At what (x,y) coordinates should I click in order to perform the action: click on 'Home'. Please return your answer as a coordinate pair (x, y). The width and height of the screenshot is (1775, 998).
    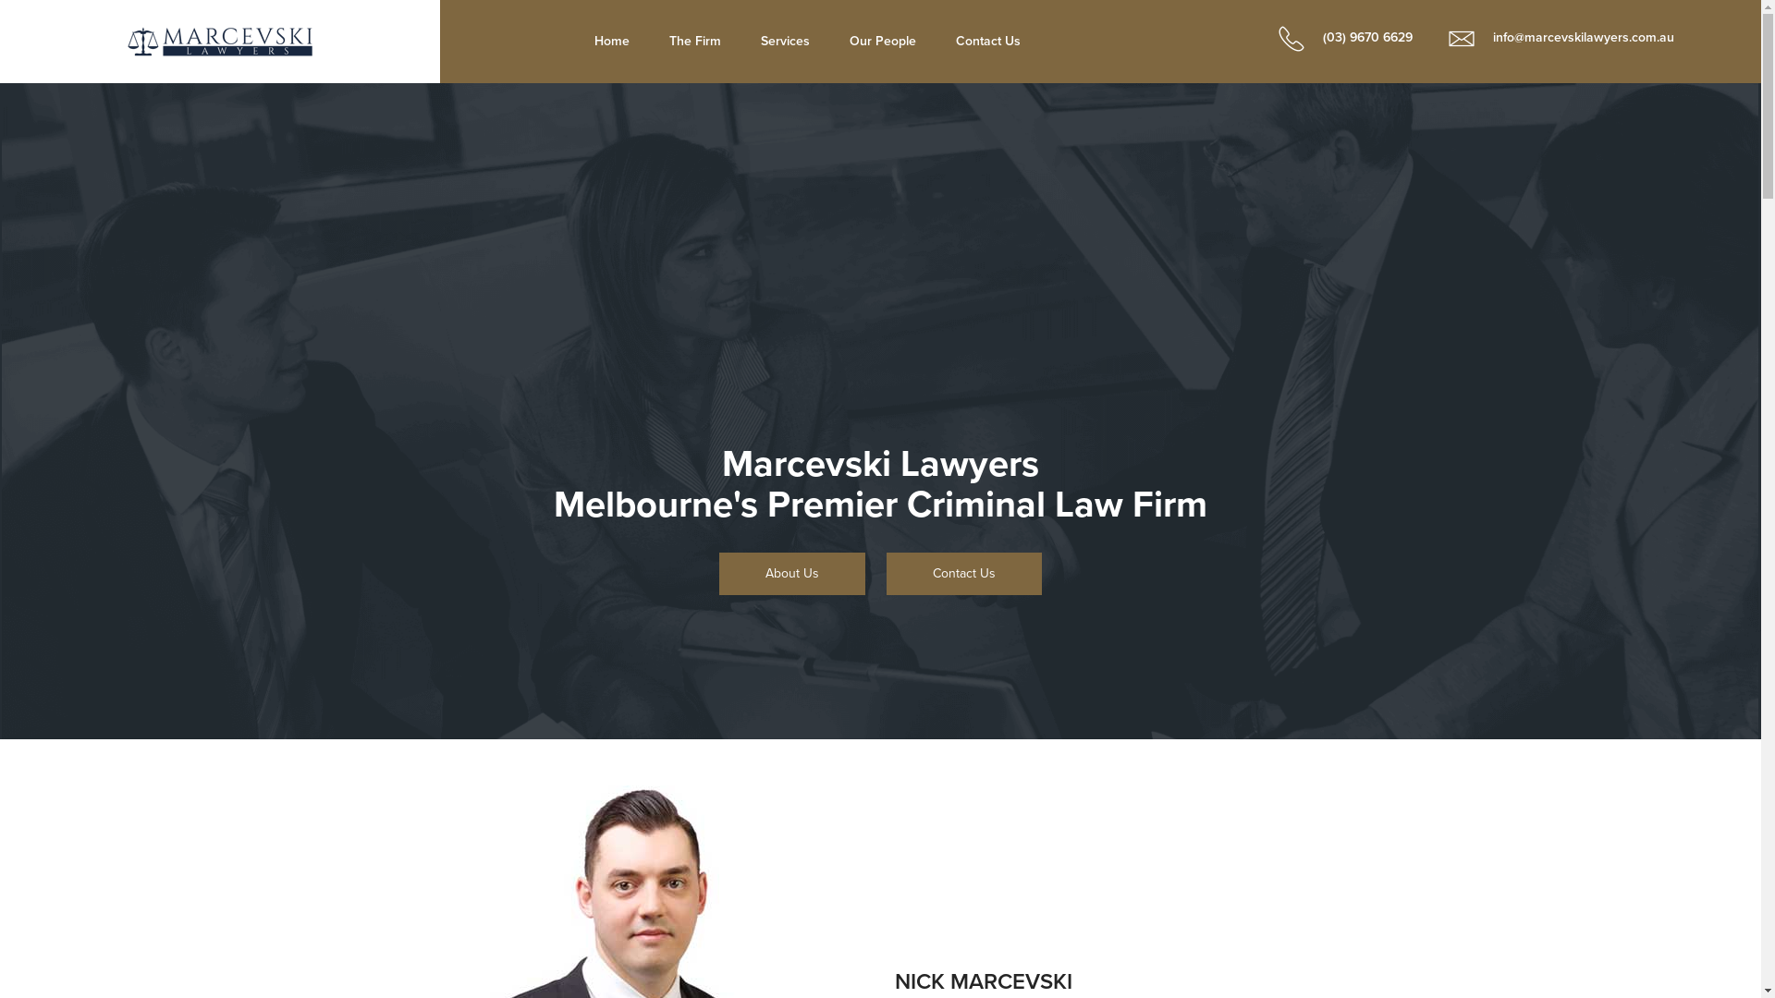
    Looking at the image, I should click on (612, 42).